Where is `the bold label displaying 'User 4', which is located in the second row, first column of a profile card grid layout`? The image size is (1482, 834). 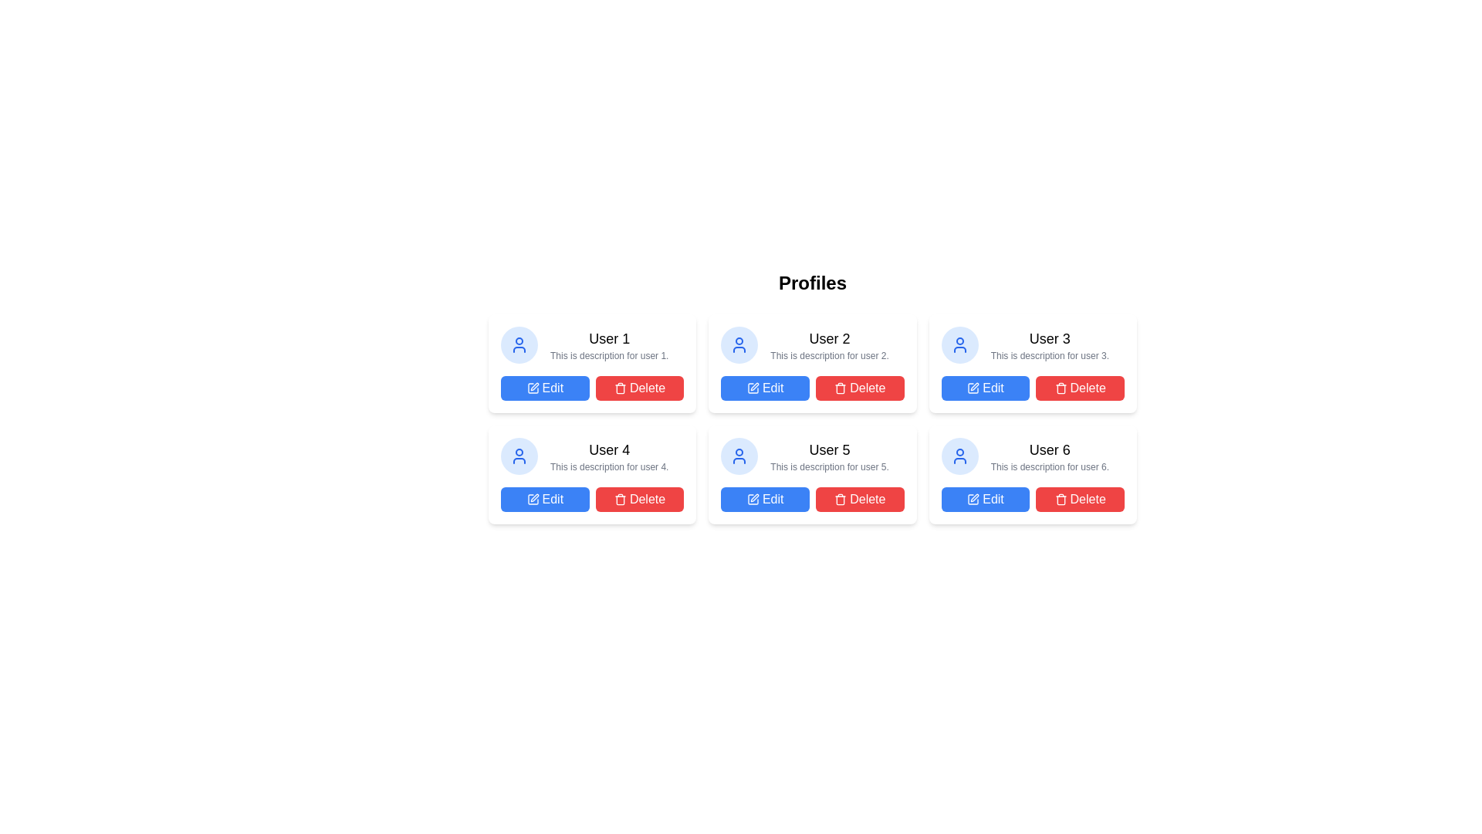 the bold label displaying 'User 4', which is located in the second row, first column of a profile card grid layout is located at coordinates (608, 449).